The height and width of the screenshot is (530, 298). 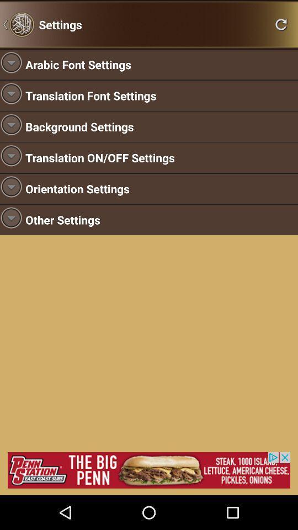 What do you see at coordinates (281, 24) in the screenshot?
I see `go back` at bounding box center [281, 24].